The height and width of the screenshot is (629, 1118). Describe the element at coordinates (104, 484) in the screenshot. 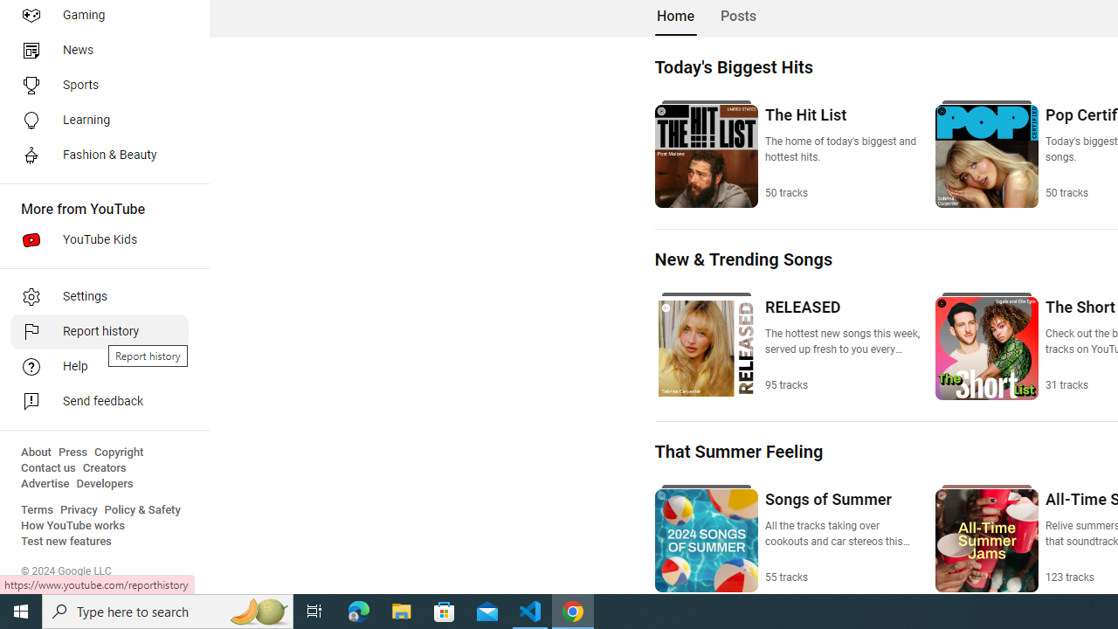

I see `'Developers'` at that location.